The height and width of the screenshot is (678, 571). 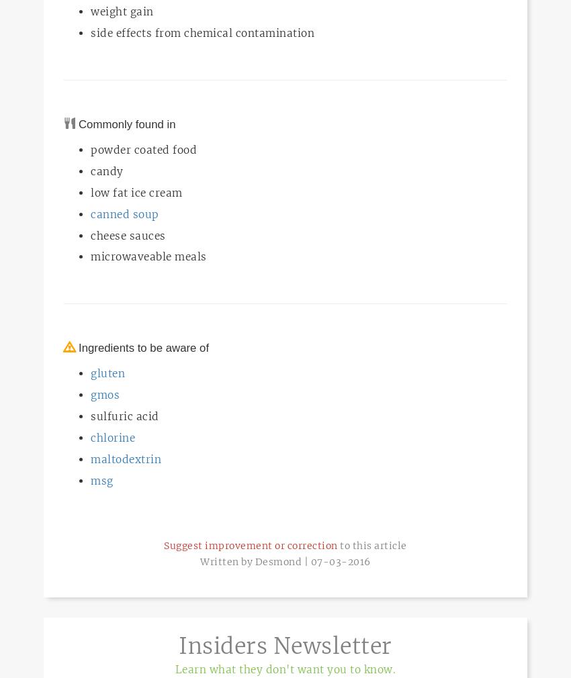 What do you see at coordinates (124, 415) in the screenshot?
I see `'sulfuric acid'` at bounding box center [124, 415].